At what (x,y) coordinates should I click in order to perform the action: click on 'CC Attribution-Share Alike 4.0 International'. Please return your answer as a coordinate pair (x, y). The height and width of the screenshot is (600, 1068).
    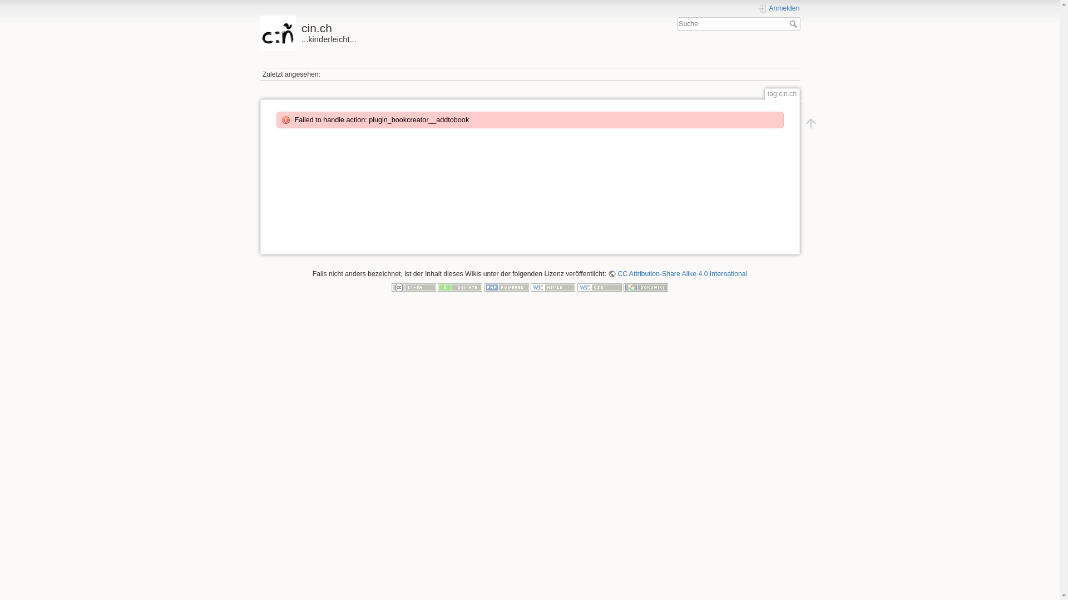
    Looking at the image, I should click on (677, 274).